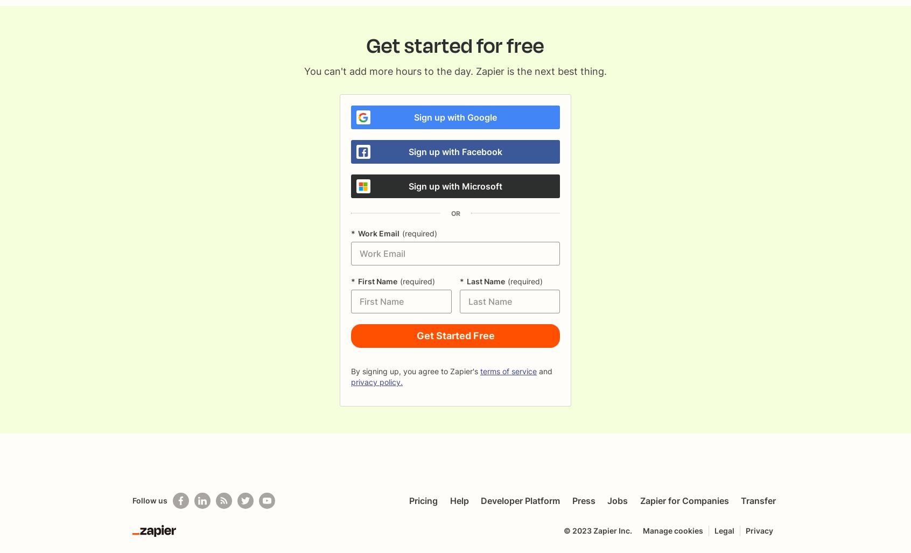 Image resolution: width=911 pixels, height=553 pixels. What do you see at coordinates (724, 530) in the screenshot?
I see `'Legal'` at bounding box center [724, 530].